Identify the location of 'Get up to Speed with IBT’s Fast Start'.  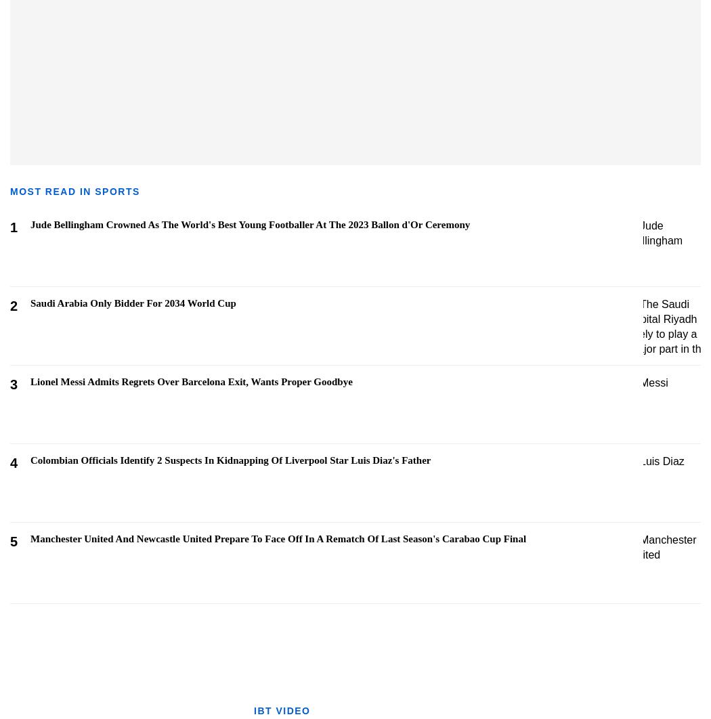
(625, 630).